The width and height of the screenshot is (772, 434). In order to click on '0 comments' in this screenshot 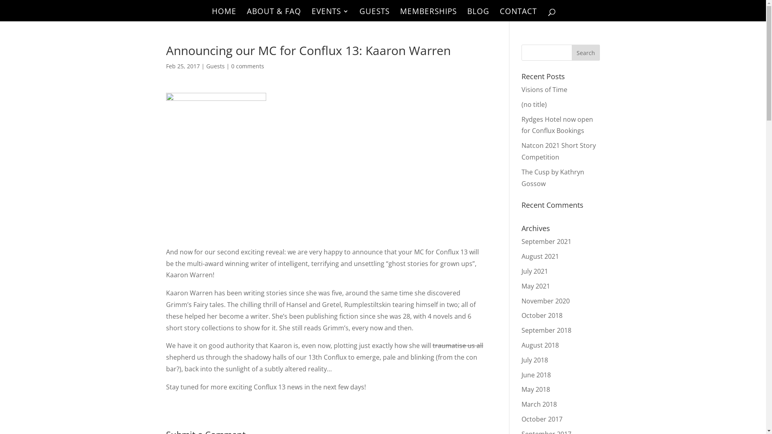, I will do `click(230, 66)`.